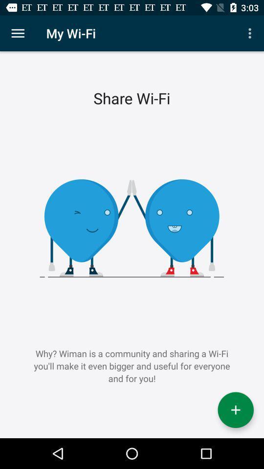 This screenshot has height=469, width=264. What do you see at coordinates (18, 33) in the screenshot?
I see `item above why wiman is icon` at bounding box center [18, 33].